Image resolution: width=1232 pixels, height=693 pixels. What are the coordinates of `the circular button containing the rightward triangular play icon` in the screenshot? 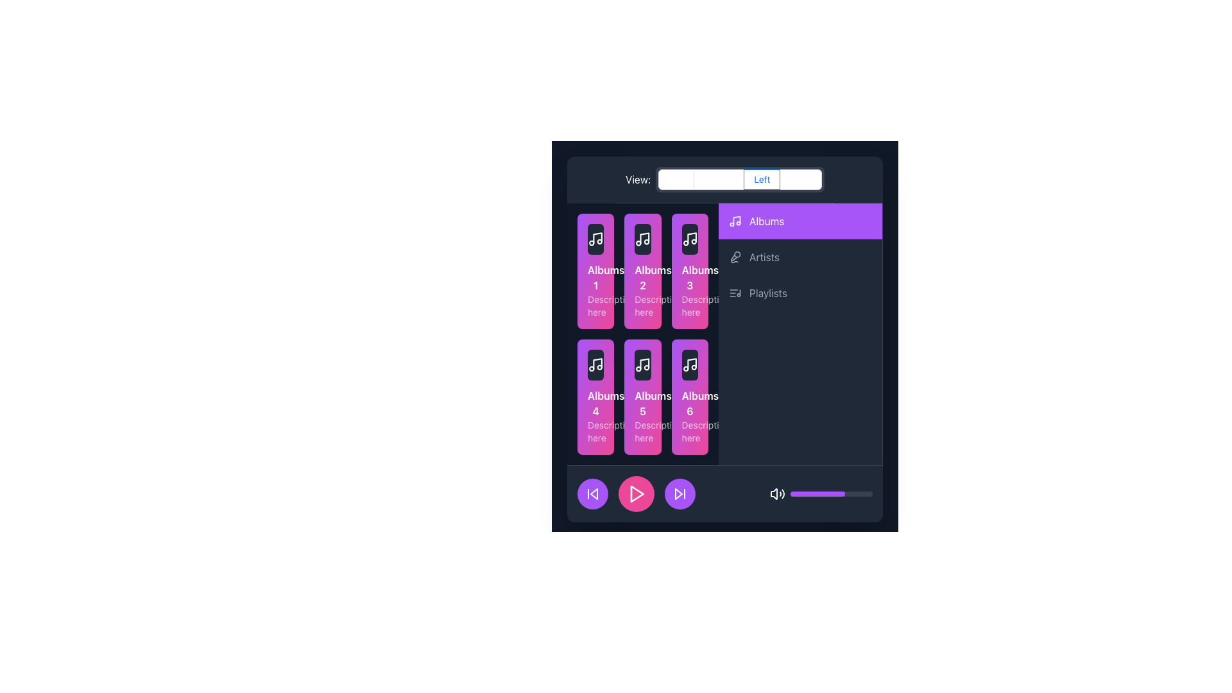 It's located at (637, 493).